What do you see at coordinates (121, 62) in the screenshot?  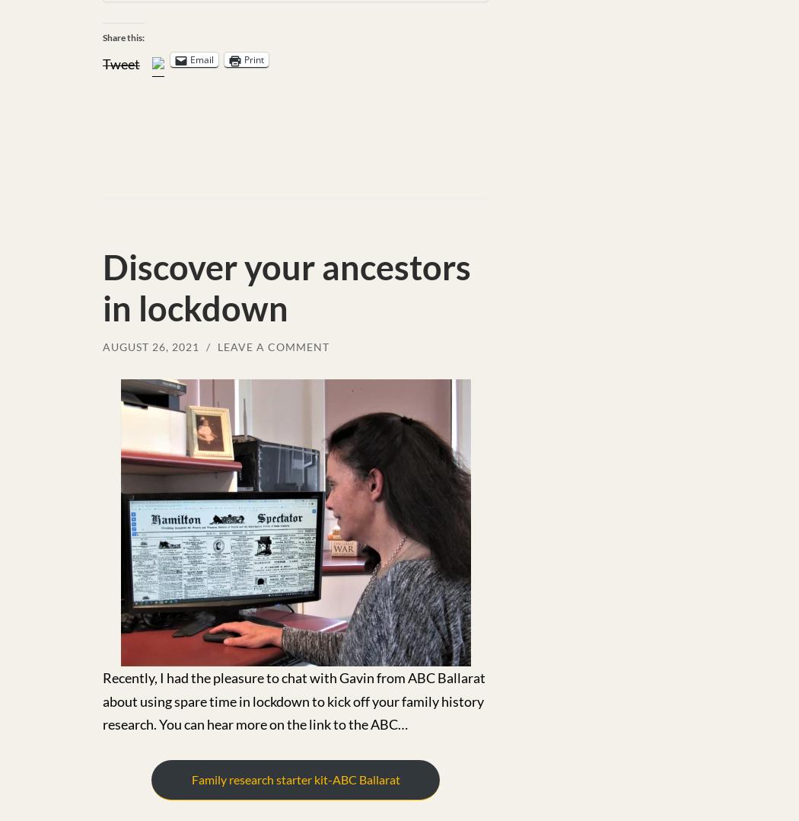 I see `'Tweet'` at bounding box center [121, 62].